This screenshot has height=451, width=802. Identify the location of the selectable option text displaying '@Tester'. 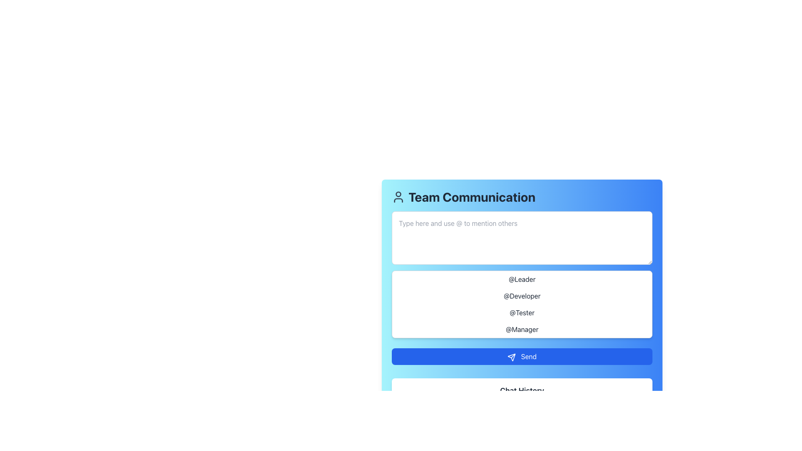
(521, 312).